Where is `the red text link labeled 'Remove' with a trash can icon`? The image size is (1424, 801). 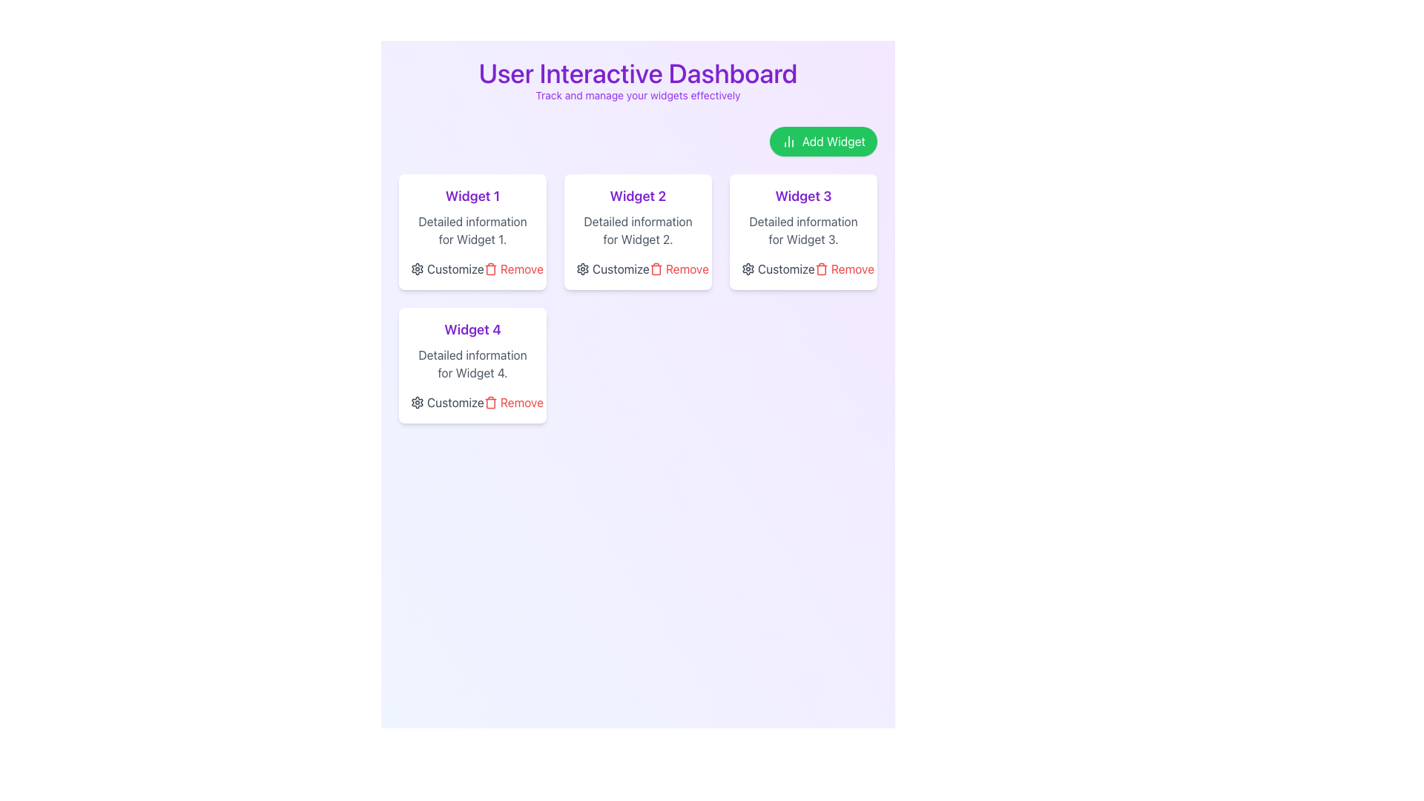 the red text link labeled 'Remove' with a trash can icon is located at coordinates (843, 268).